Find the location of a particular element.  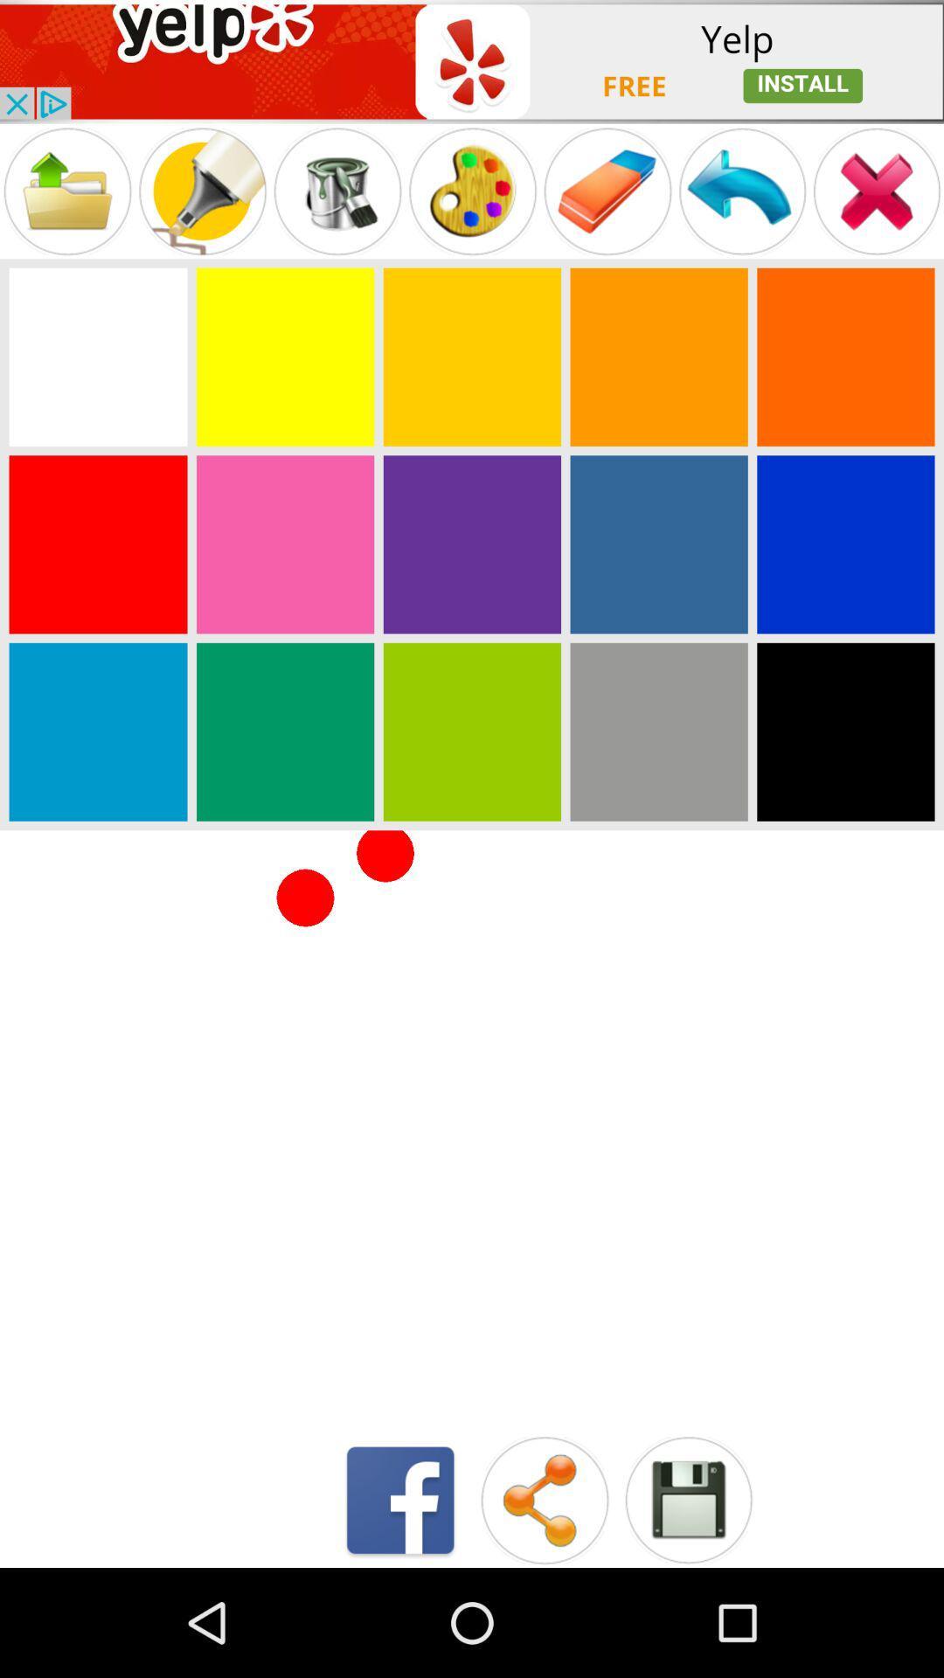

to folder is located at coordinates (66, 191).